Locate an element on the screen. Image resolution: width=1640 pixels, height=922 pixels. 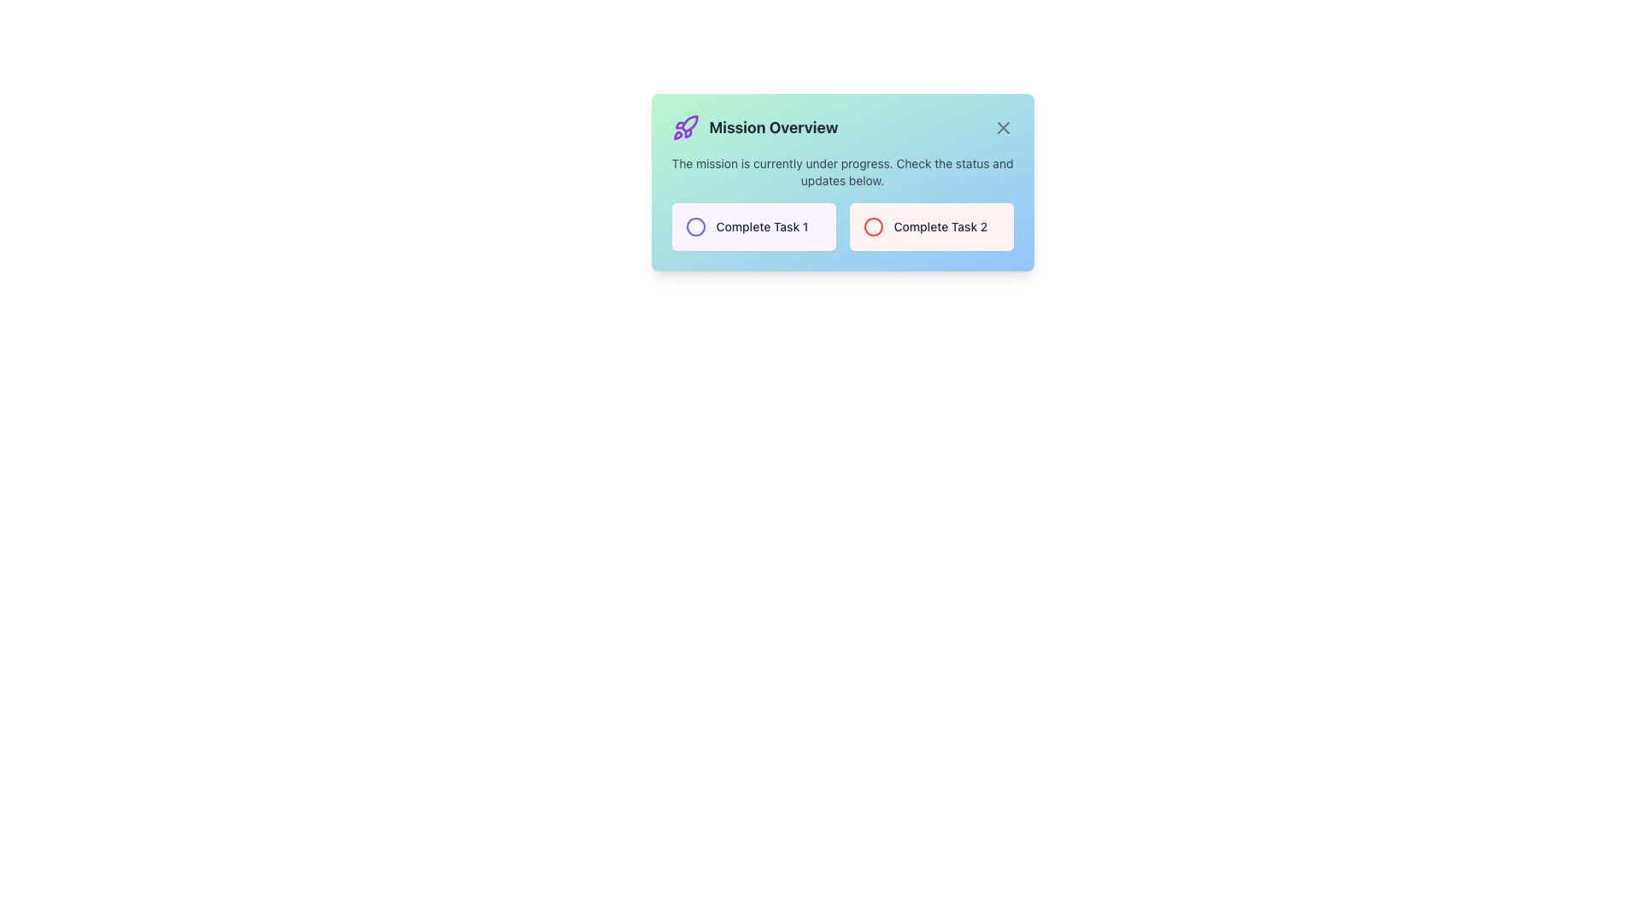
the 'X' vector graphic in the top-right corner of the 'Mission Overview' modal is located at coordinates (1003, 127).